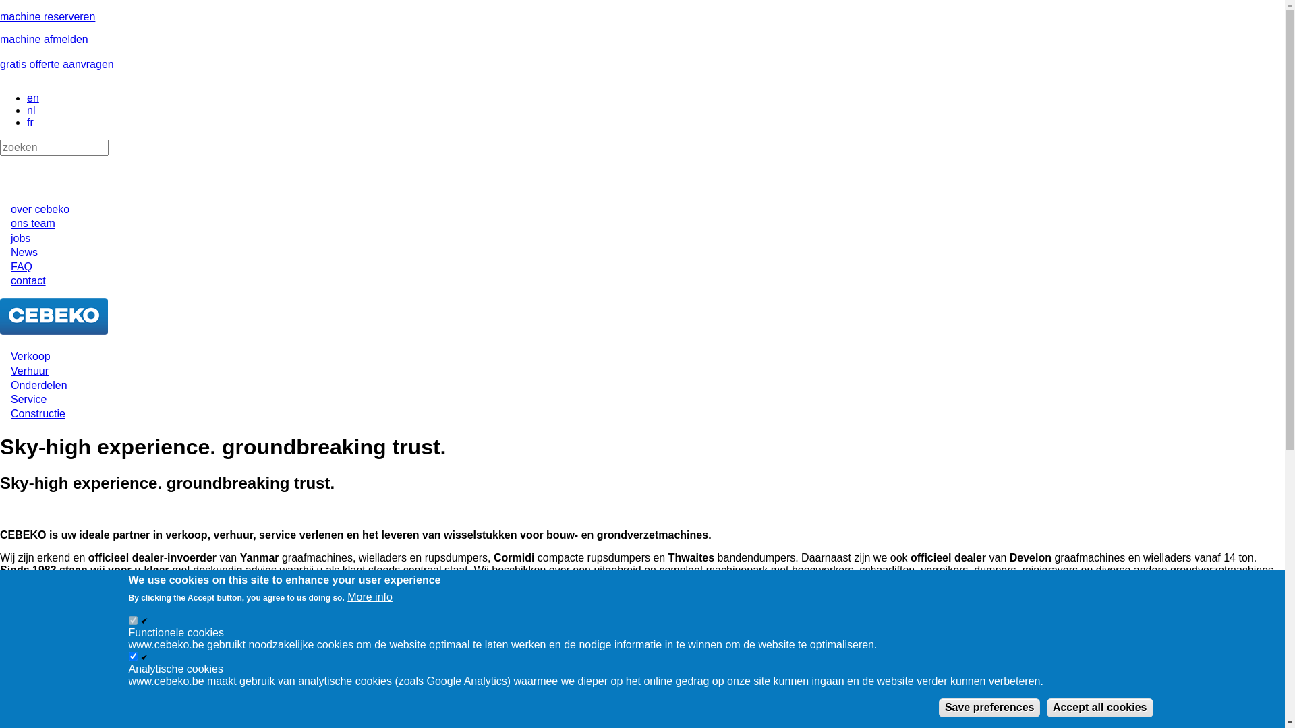  I want to click on 'Verkoop', so click(30, 355).